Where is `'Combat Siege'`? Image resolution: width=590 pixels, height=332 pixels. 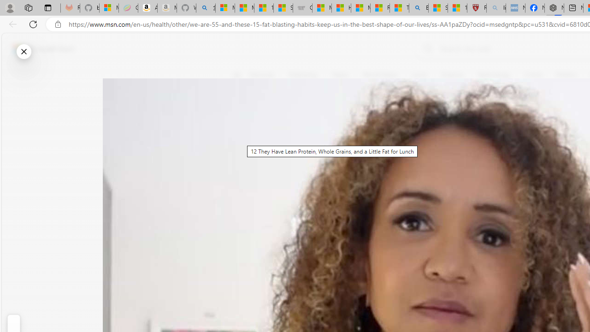
'Combat Siege' is located at coordinates (302, 8).